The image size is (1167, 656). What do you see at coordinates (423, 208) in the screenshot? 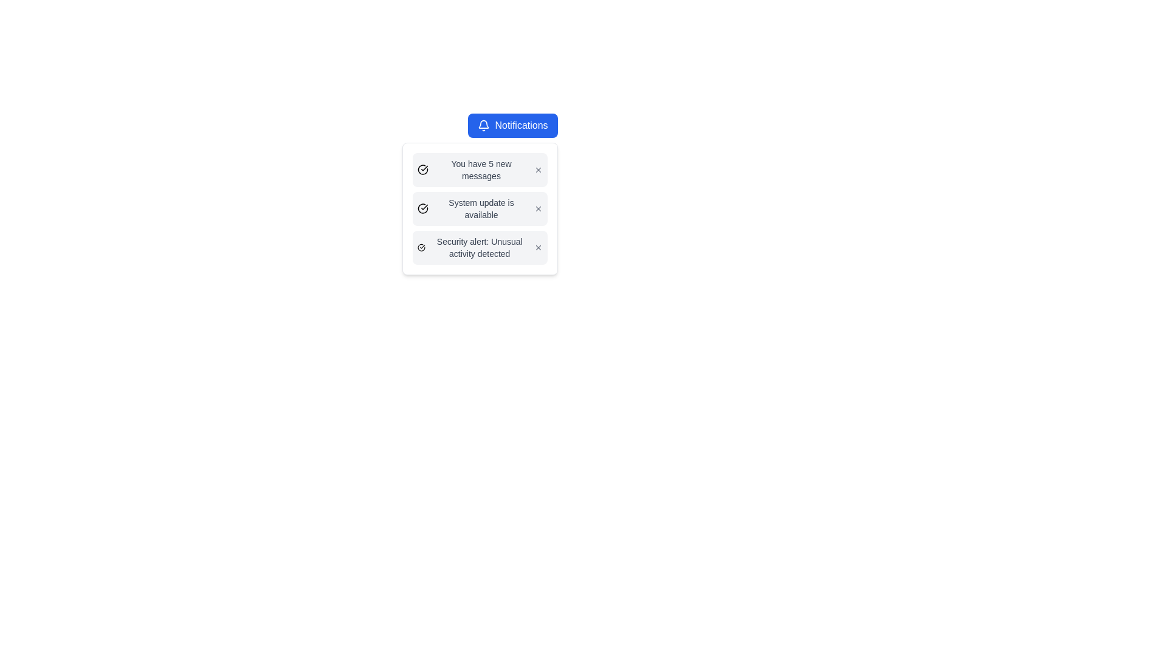
I see `the Vector icon component located to the left of the notification text for 'System update is available.'` at bounding box center [423, 208].